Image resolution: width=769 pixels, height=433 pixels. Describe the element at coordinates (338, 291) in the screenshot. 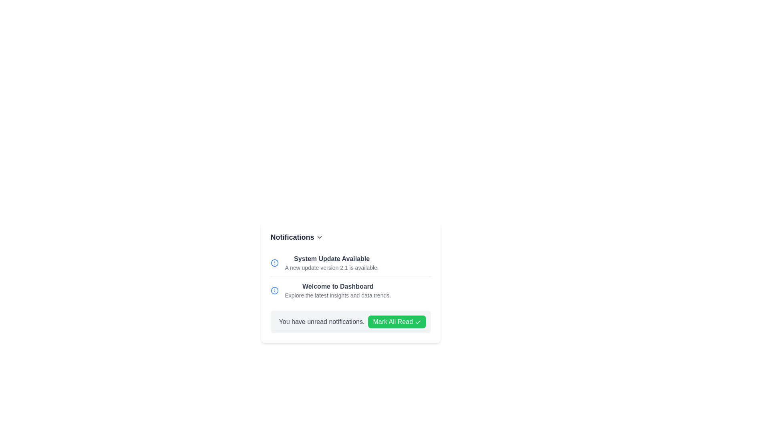

I see `the text block that displays a welcoming message and brief description, located in the notification section between the 'System Update Available' notification and the 'You have unread notifications' text` at that location.